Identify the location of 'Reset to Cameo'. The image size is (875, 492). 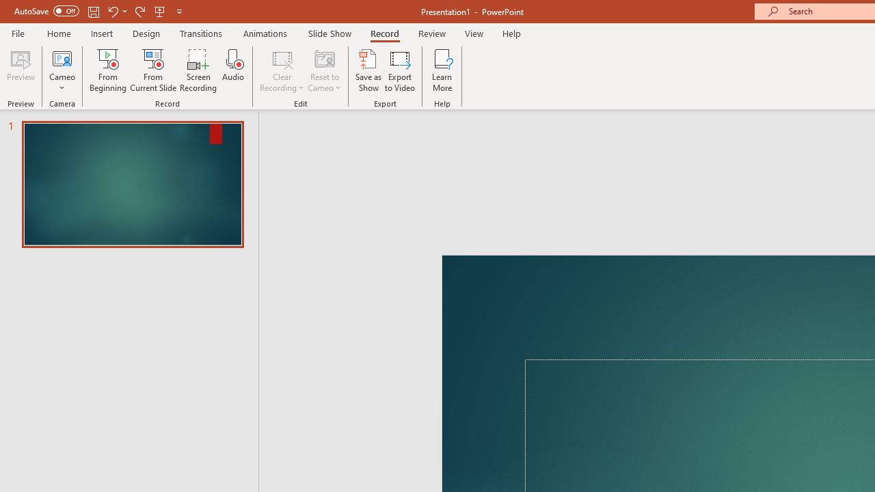
(323, 70).